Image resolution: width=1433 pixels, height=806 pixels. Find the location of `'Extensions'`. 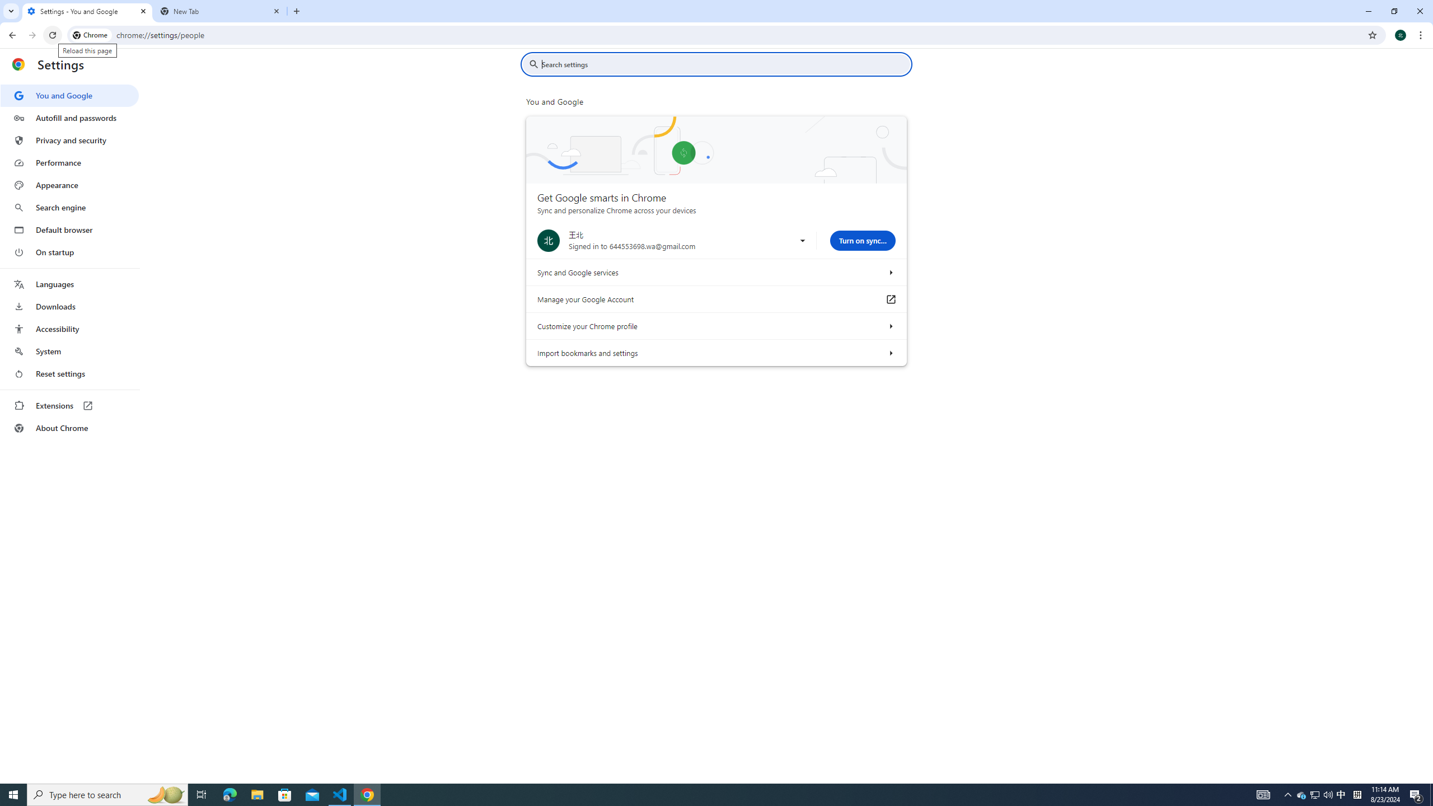

'Extensions' is located at coordinates (69, 405).